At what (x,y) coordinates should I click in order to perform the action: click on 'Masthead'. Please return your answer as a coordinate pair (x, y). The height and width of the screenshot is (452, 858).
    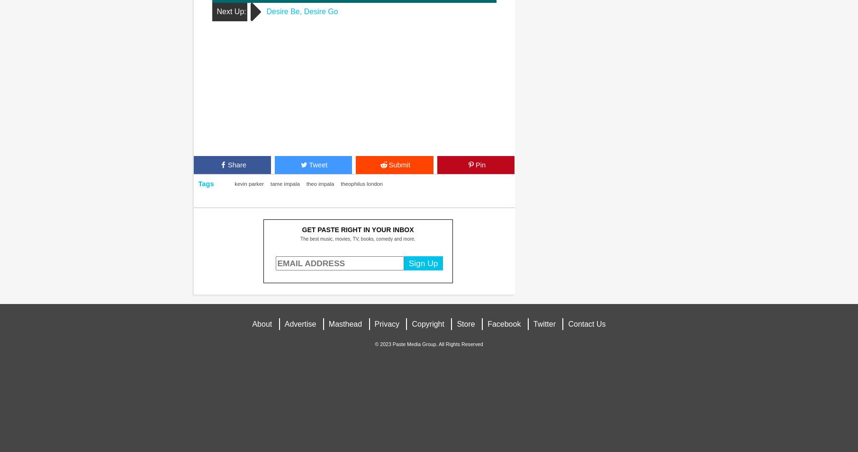
    Looking at the image, I should click on (344, 323).